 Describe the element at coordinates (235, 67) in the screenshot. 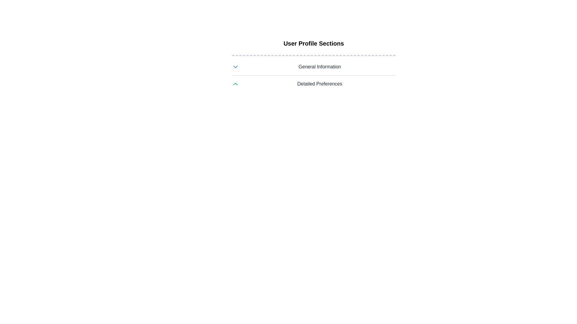

I see `the toggle icon` at that location.